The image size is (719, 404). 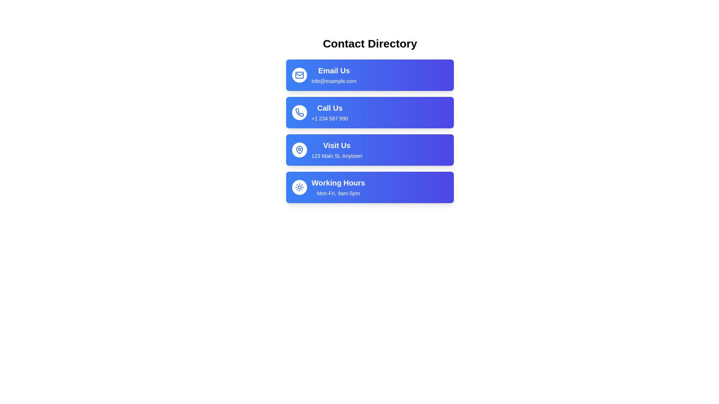 What do you see at coordinates (338, 193) in the screenshot?
I see `the text label displaying 'Mon-Fri, 9am-5pm' located below the 'Working Hours' title in the Contact Directory interface` at bounding box center [338, 193].